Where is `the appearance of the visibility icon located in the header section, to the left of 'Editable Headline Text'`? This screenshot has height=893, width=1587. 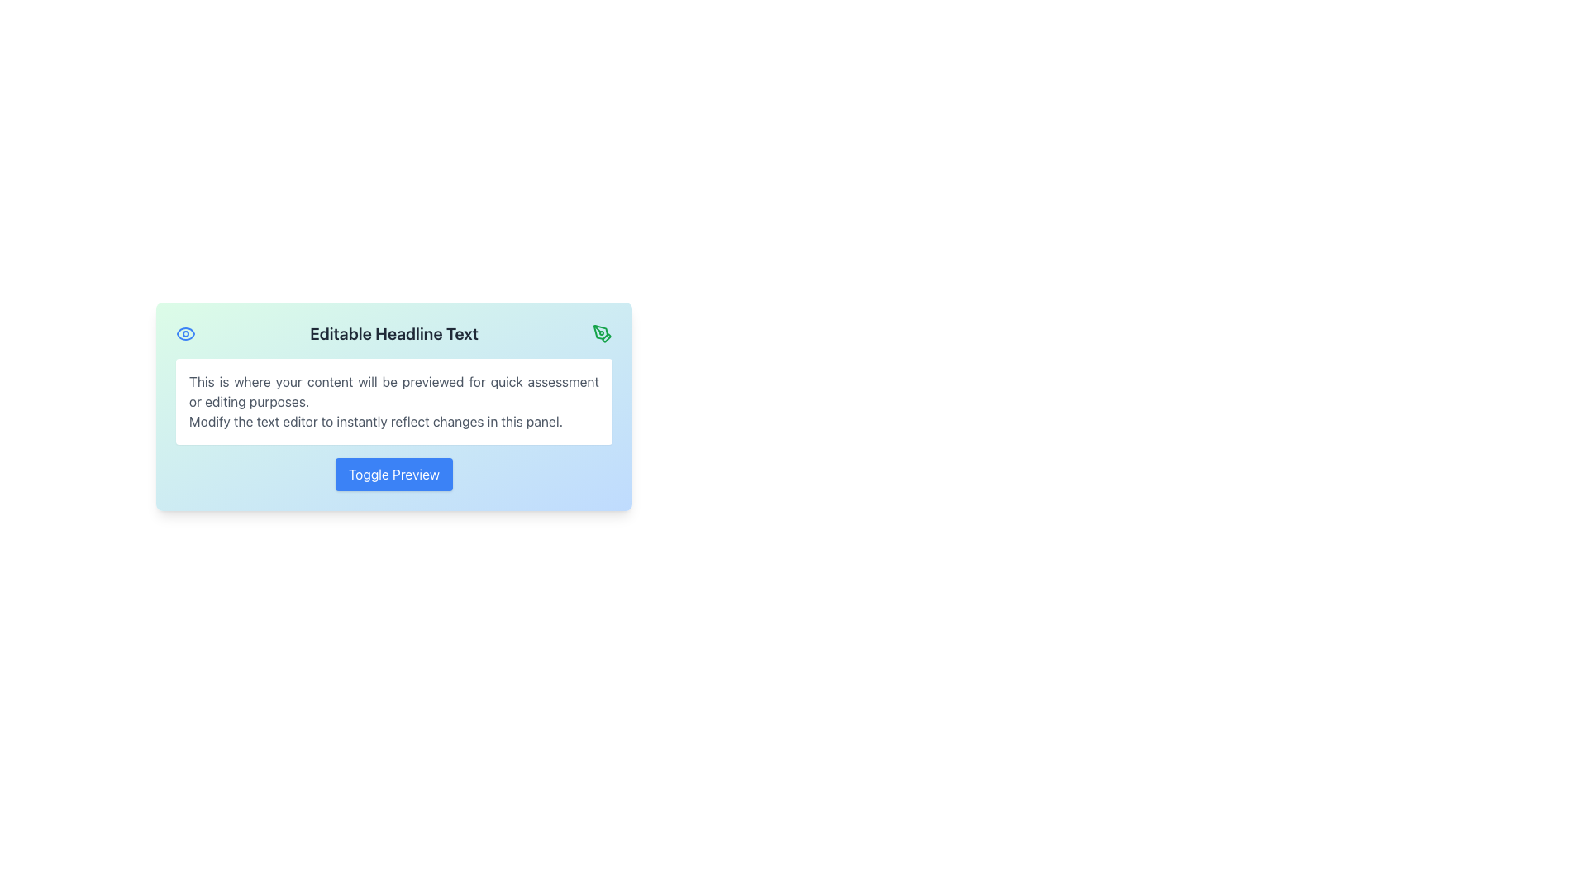 the appearance of the visibility icon located in the header section, to the left of 'Editable Headline Text' is located at coordinates (186, 334).